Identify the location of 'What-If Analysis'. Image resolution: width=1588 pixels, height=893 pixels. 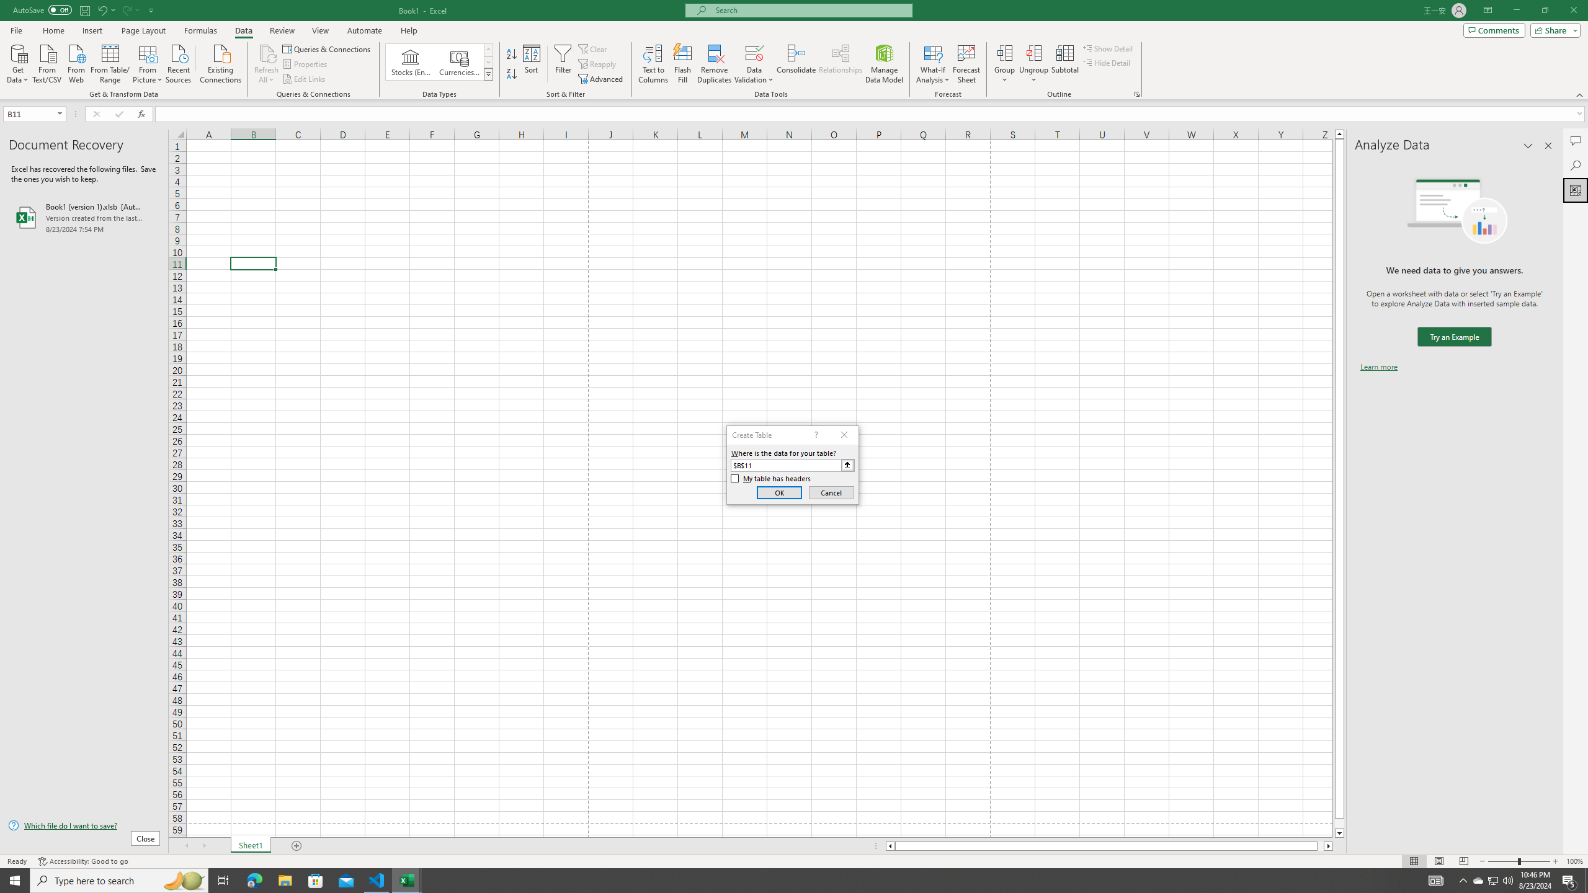
(933, 64).